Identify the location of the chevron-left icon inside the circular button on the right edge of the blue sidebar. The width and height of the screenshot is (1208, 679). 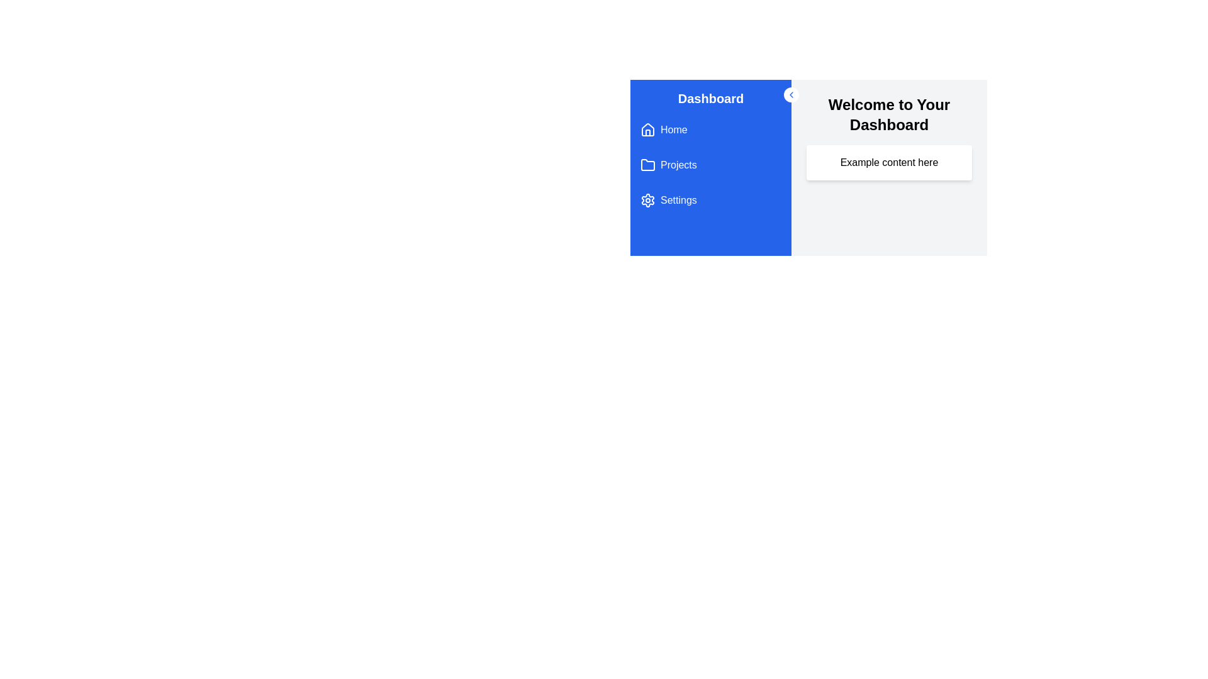
(790, 94).